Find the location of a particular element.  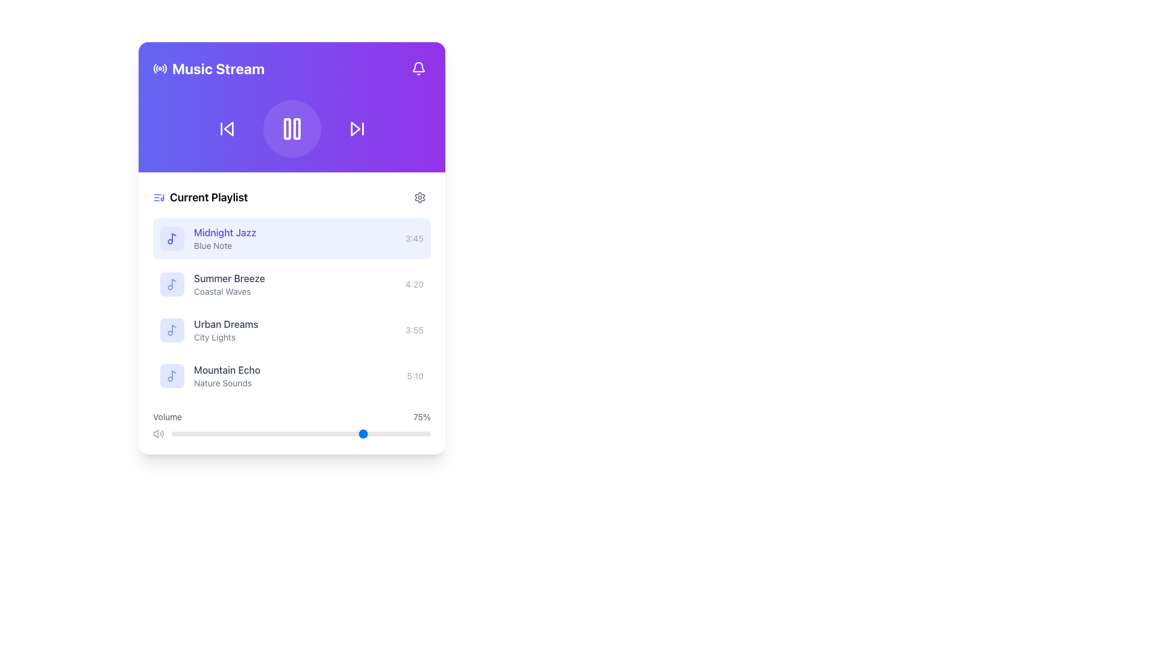

the right bar of the pause button icon, which is a vertical rectangle styled in purple and located in the center of the title bar is located at coordinates (296, 128).